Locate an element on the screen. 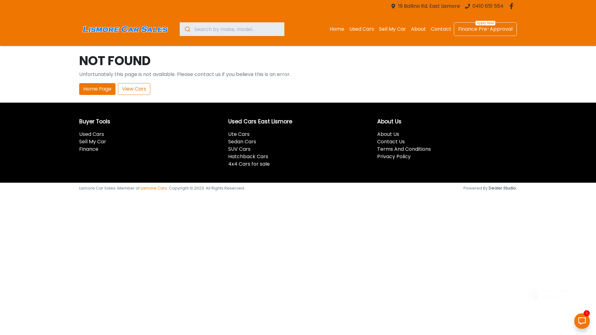 The width and height of the screenshot is (596, 335). 'Used Cars' is located at coordinates (91, 134).